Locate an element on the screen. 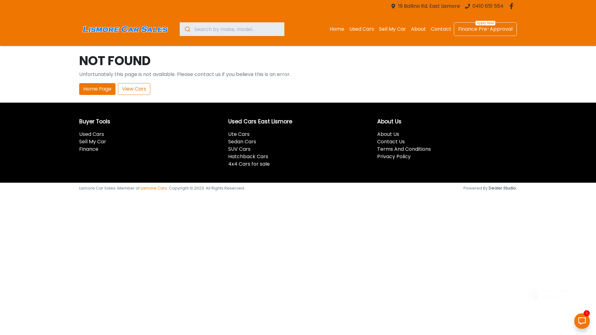 The width and height of the screenshot is (596, 335). 'Used Cars' is located at coordinates (91, 134).